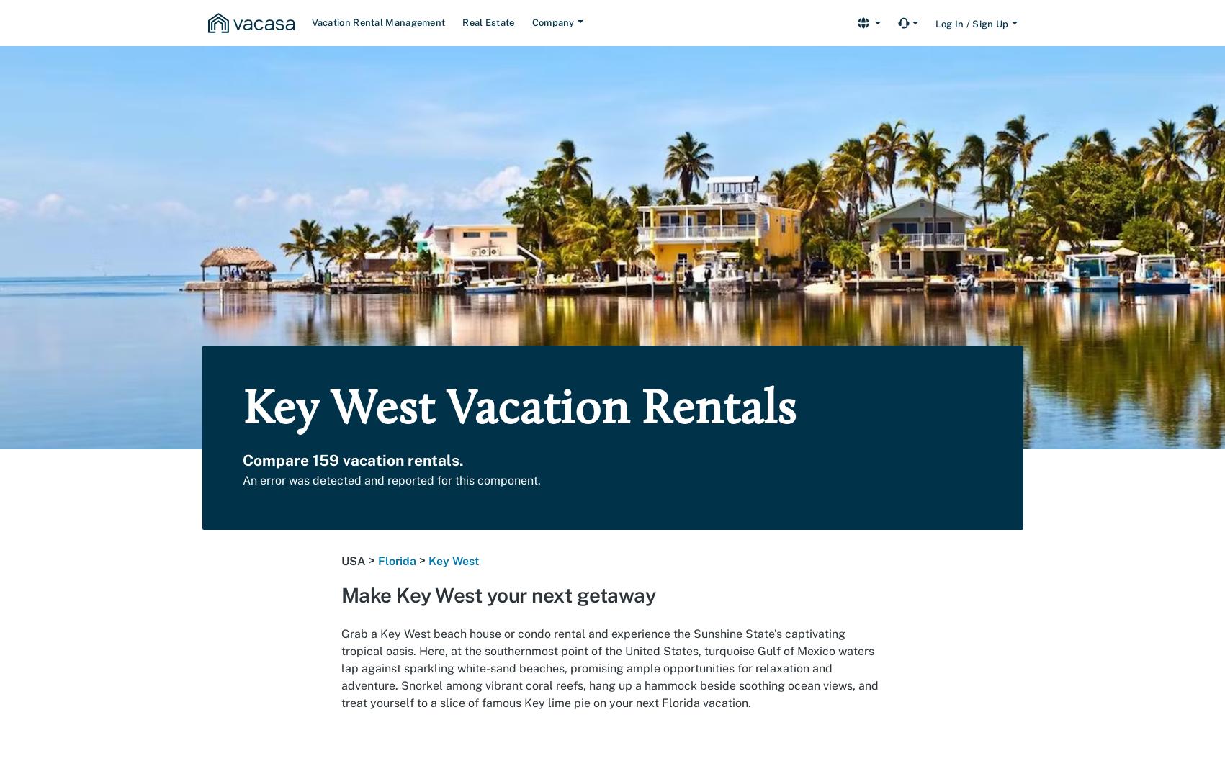  Describe the element at coordinates (352, 460) in the screenshot. I see `'Compare 159 vacation rentals.'` at that location.